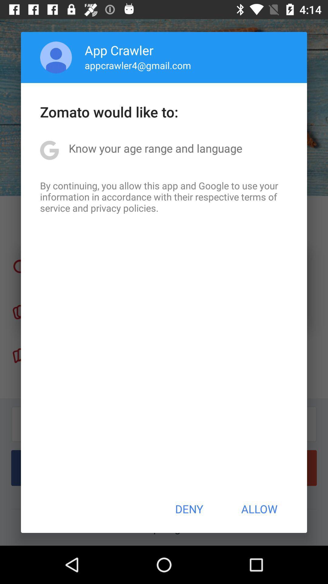  Describe the element at coordinates (138, 65) in the screenshot. I see `icon below the app crawler` at that location.